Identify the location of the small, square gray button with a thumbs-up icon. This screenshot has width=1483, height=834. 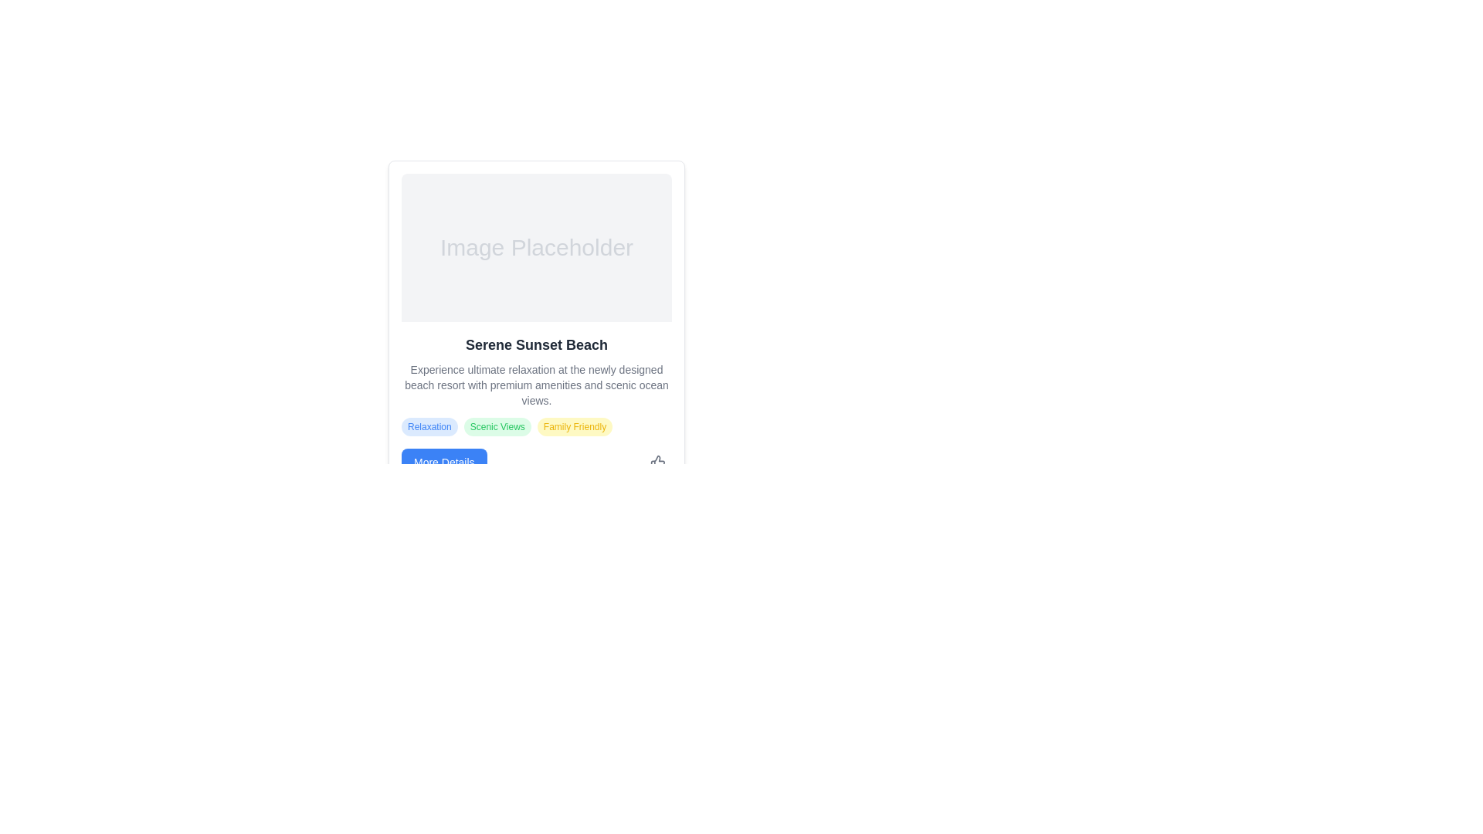
(657, 461).